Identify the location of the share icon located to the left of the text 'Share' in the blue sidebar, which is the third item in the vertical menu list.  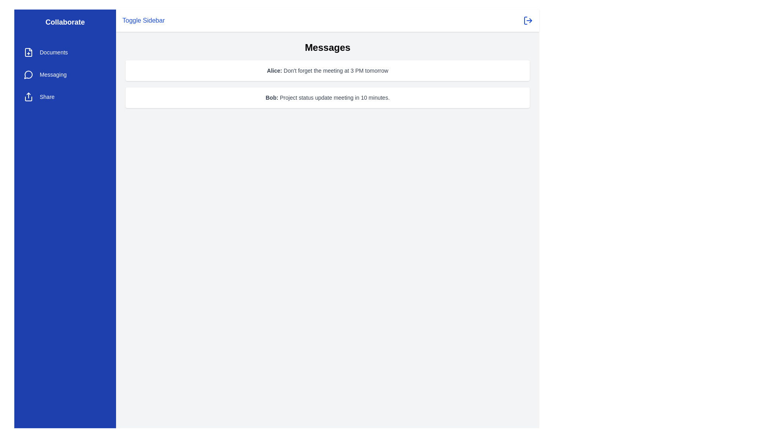
(29, 96).